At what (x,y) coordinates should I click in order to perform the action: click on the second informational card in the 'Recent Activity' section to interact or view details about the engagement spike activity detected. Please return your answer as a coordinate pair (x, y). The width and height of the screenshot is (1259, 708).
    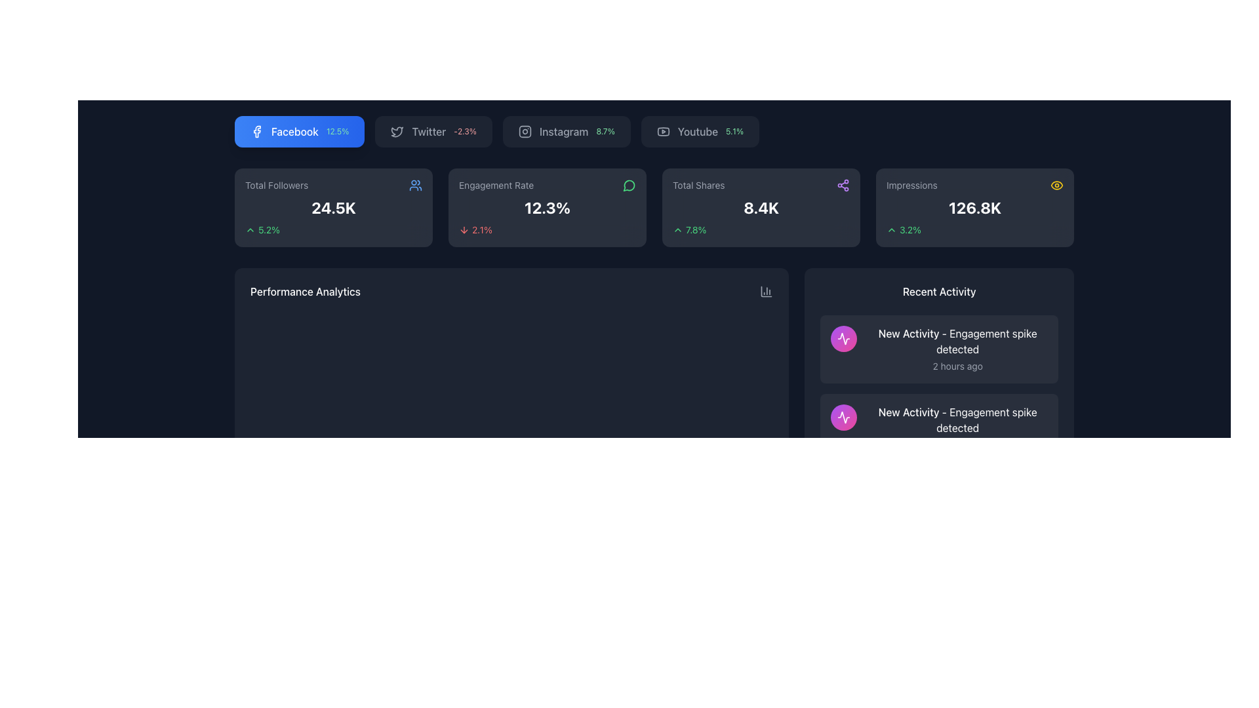
    Looking at the image, I should click on (938, 427).